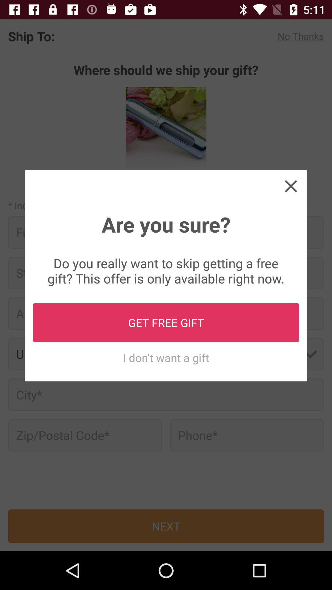 Image resolution: width=332 pixels, height=590 pixels. I want to click on icon below get free gift item, so click(166, 357).